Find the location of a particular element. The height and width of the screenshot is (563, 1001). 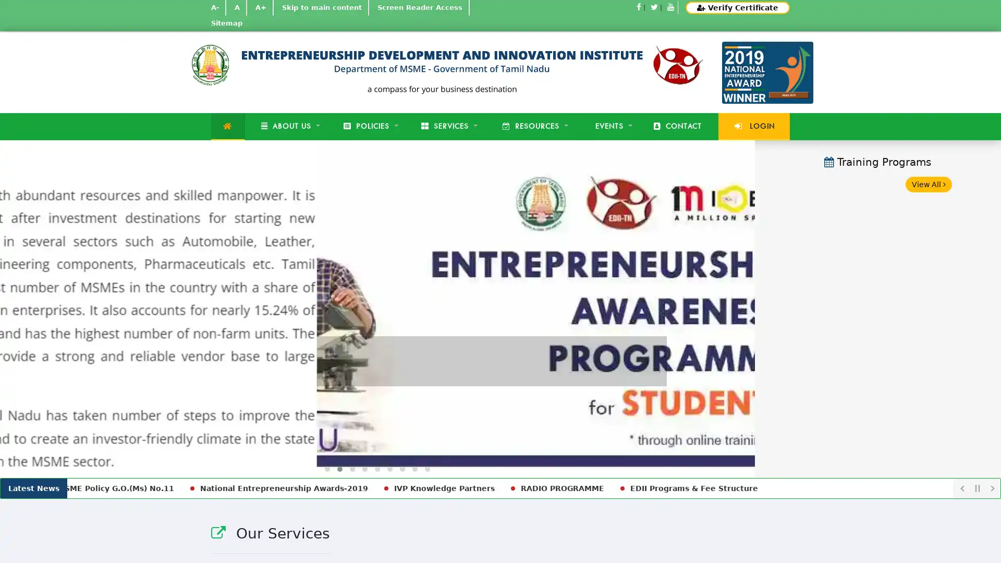

Previous is located at coordinates (20, 298).